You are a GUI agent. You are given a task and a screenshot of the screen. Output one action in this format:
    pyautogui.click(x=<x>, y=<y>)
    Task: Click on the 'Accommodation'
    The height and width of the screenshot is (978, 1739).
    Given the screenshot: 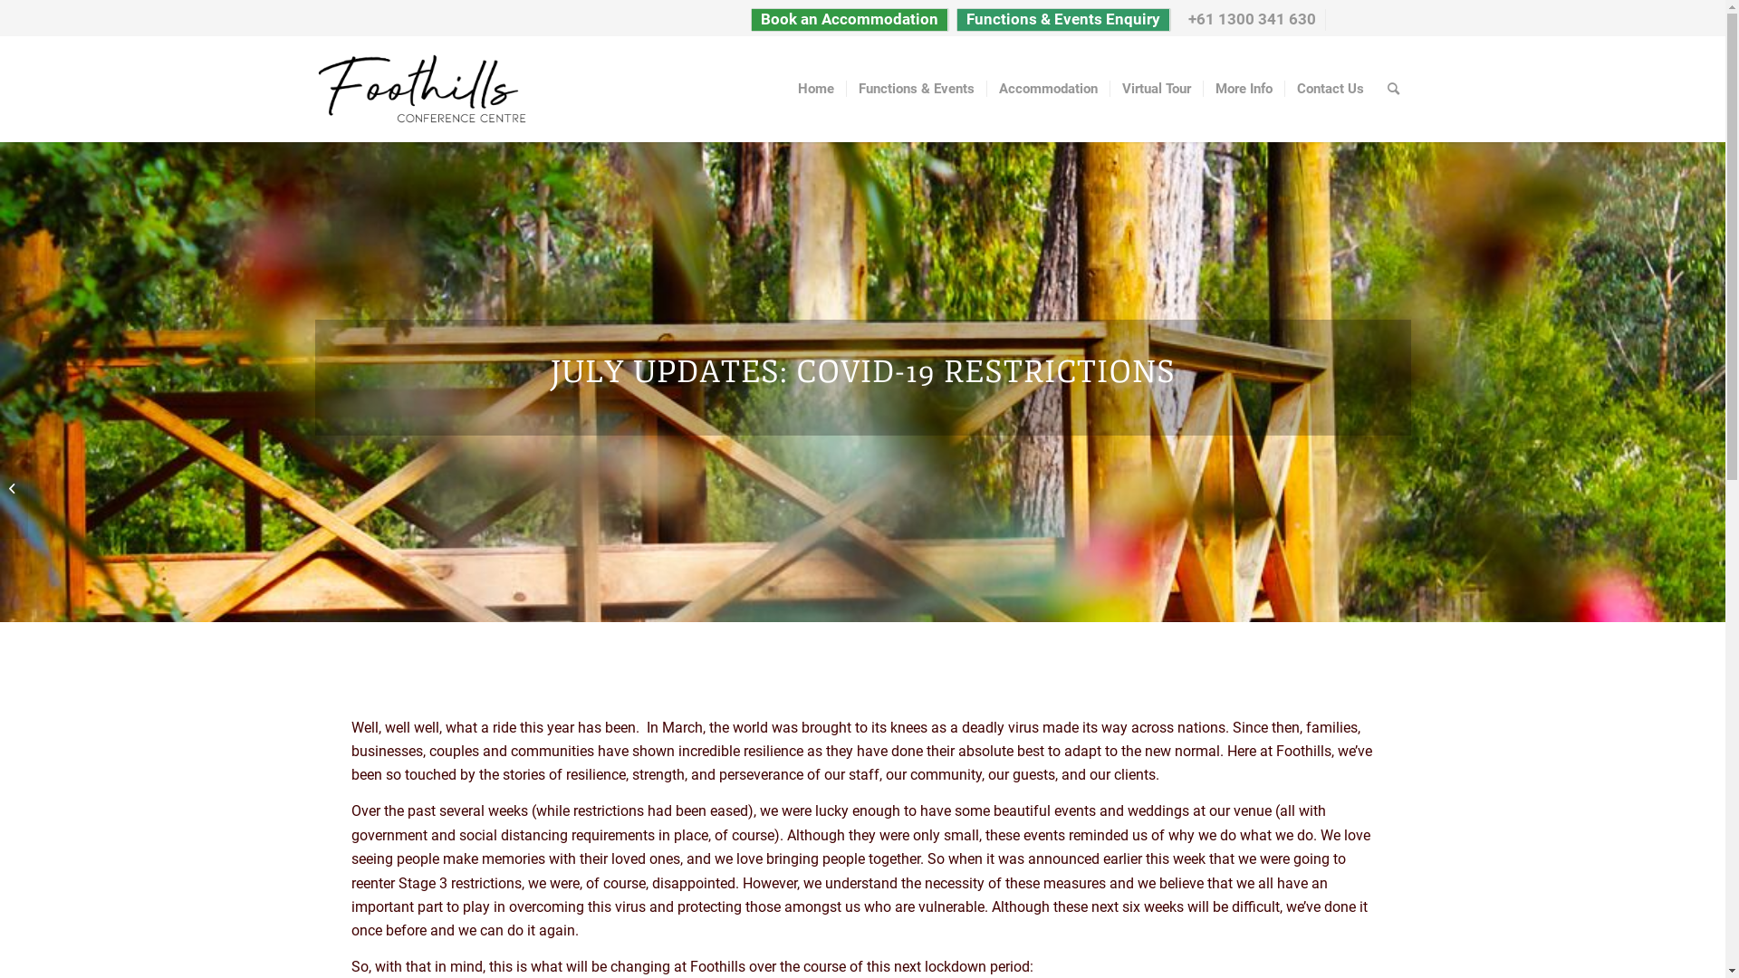 What is the action you would take?
    pyautogui.click(x=985, y=88)
    